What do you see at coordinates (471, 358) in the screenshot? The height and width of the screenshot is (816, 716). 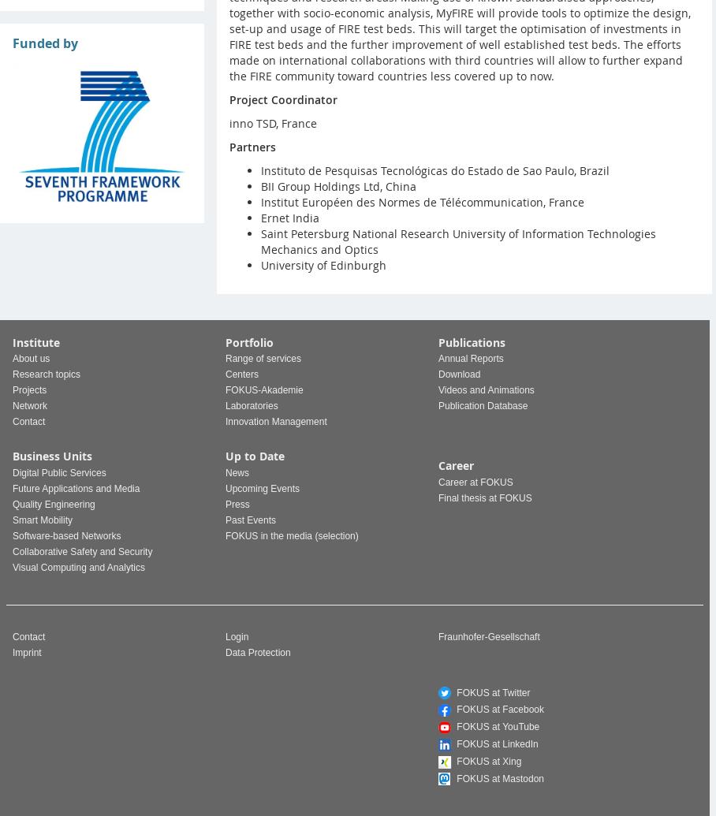 I see `'Annual Reports'` at bounding box center [471, 358].